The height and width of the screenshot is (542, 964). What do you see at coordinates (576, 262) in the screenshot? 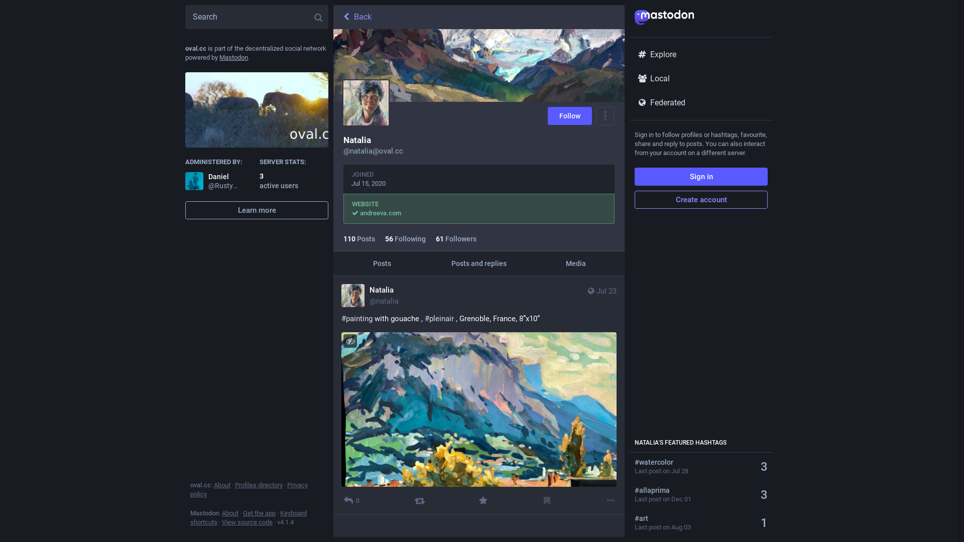
I see `'Media'` at bounding box center [576, 262].